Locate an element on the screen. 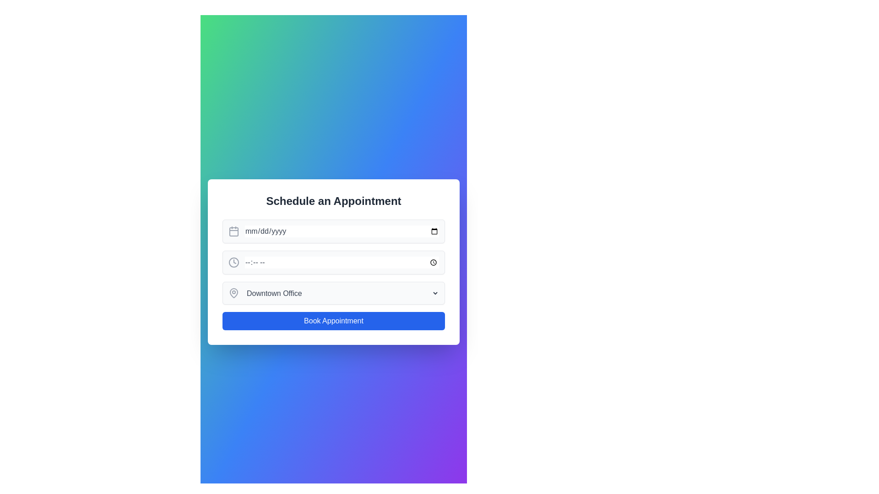 The height and width of the screenshot is (494, 879). the calendar icon/button related to date input, which is styled with a gray color and located to the left of the date input field is located at coordinates (233, 231).